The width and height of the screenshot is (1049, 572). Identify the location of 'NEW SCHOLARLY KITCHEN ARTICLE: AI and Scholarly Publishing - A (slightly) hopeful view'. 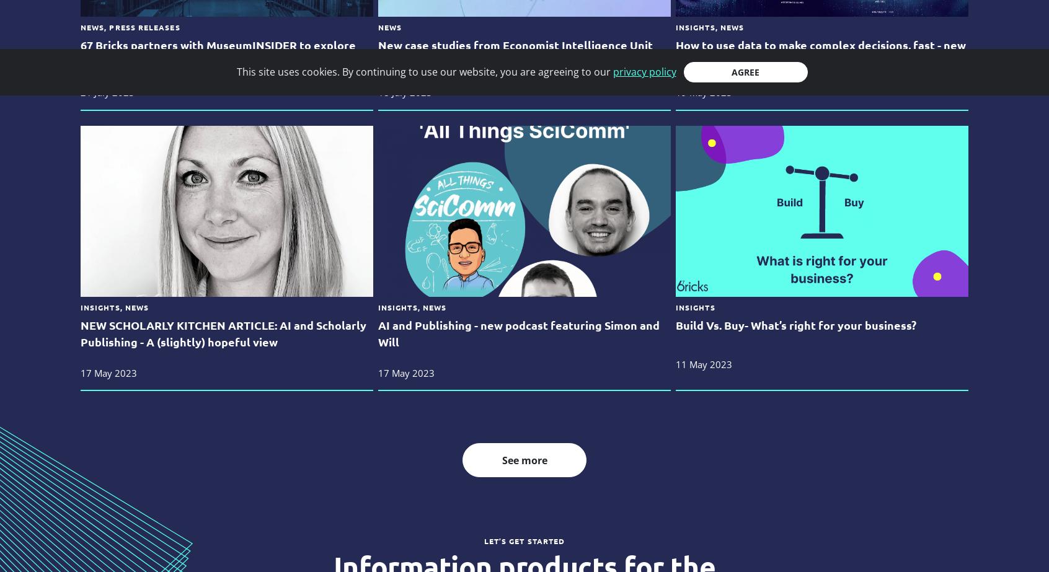
(223, 333).